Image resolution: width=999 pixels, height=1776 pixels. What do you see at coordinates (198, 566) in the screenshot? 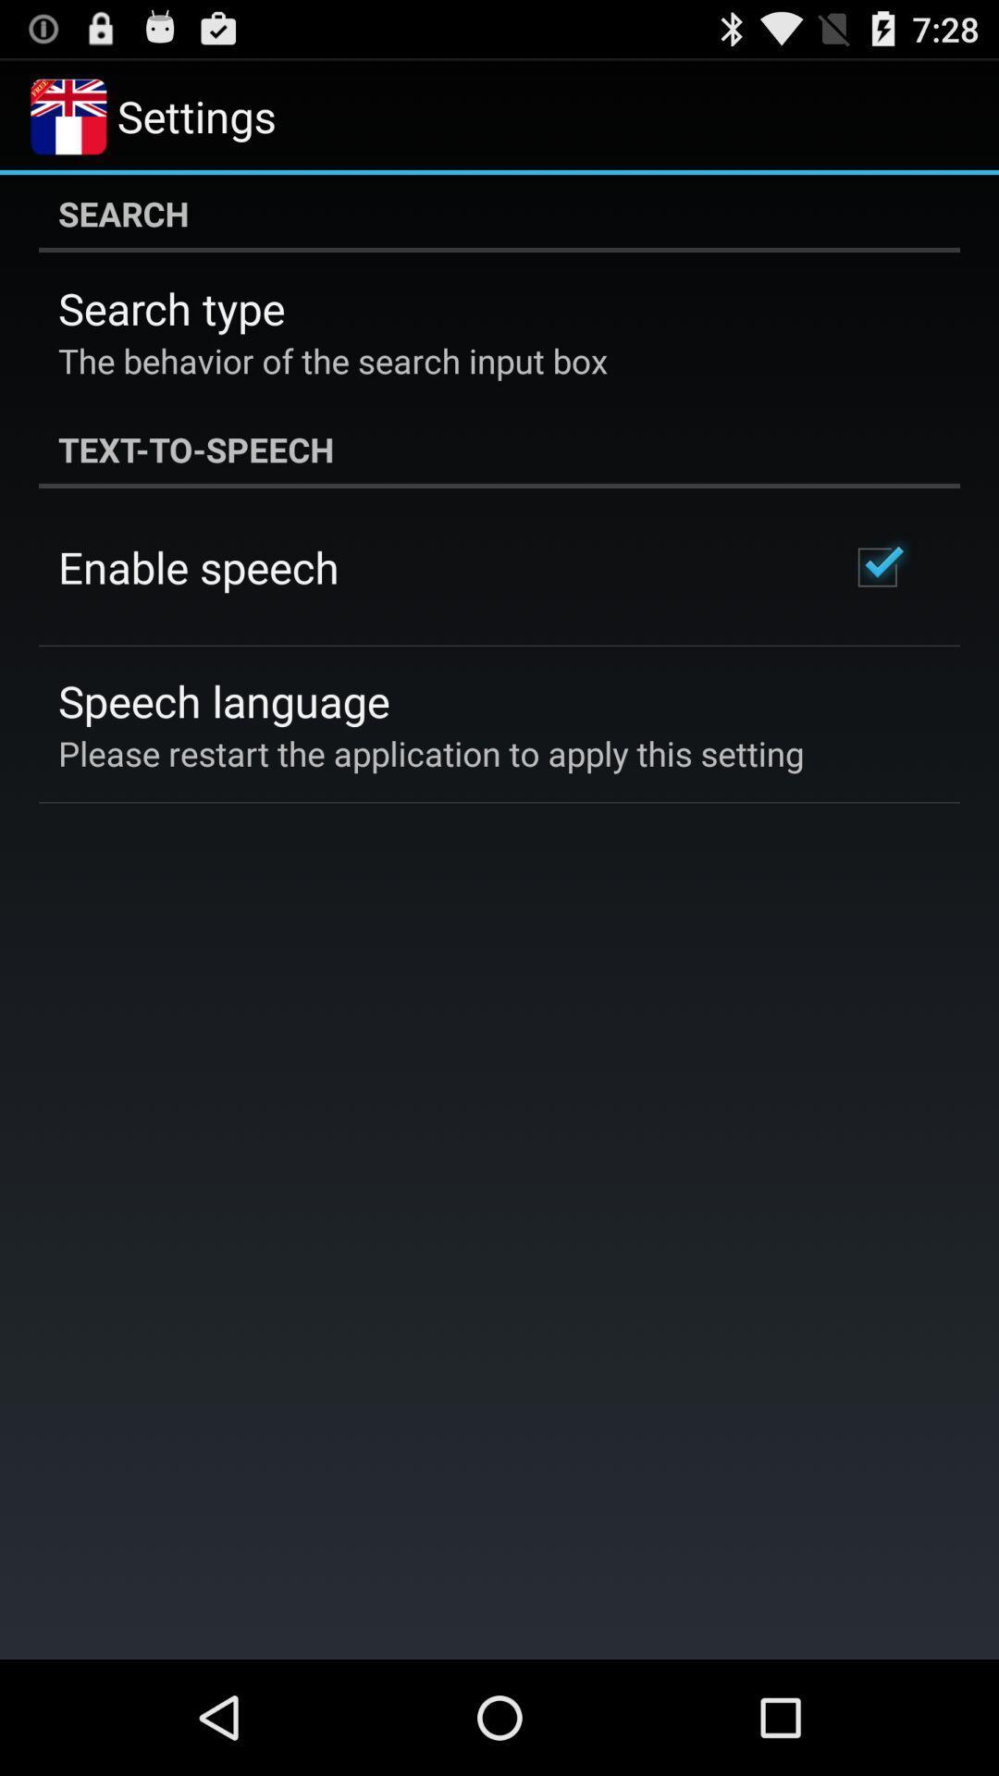
I see `the icon below text-to-speech item` at bounding box center [198, 566].